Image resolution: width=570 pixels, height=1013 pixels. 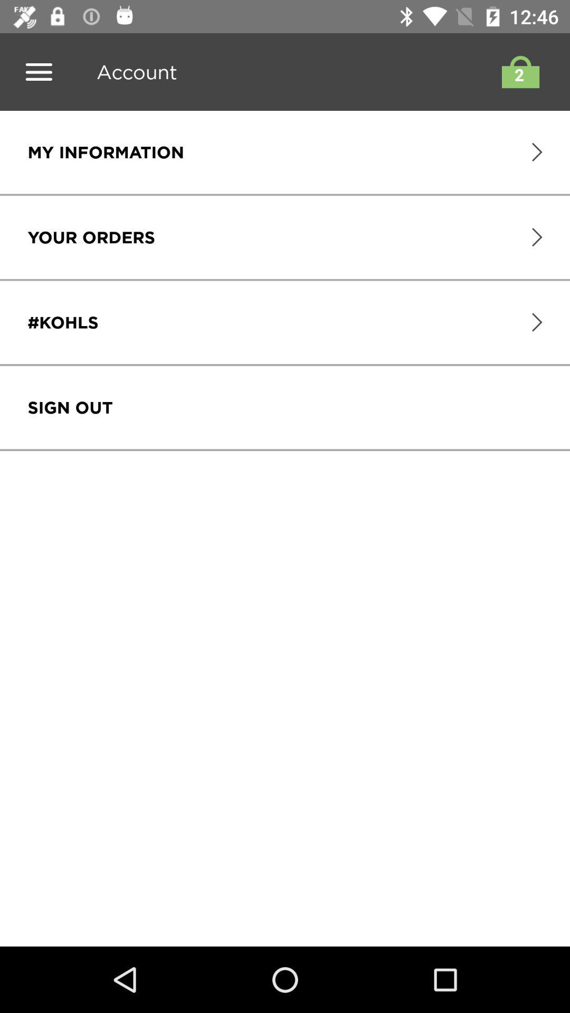 What do you see at coordinates (91, 237) in the screenshot?
I see `the item below my information` at bounding box center [91, 237].